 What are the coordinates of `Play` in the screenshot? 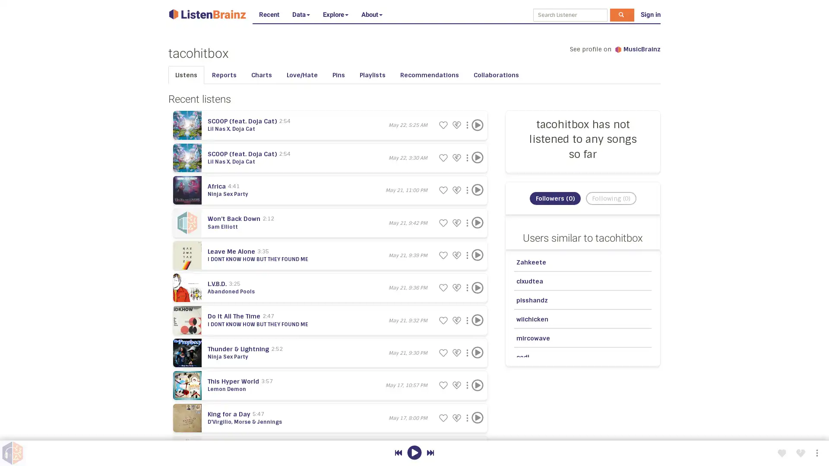 It's located at (477, 288).